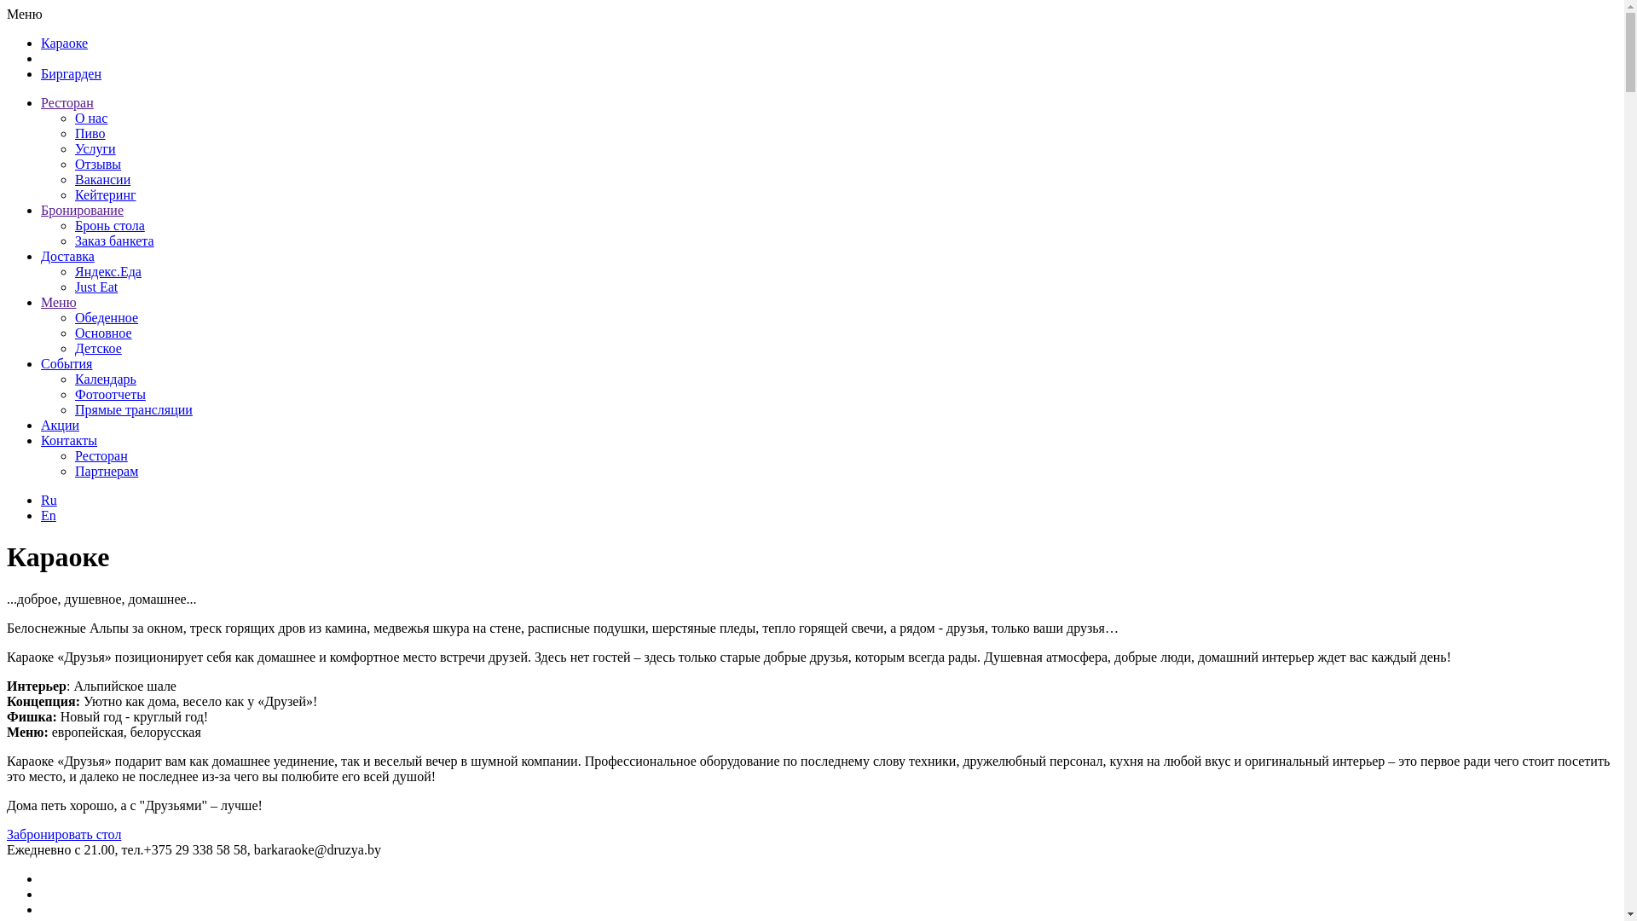  Describe the element at coordinates (49, 514) in the screenshot. I see `'En'` at that location.